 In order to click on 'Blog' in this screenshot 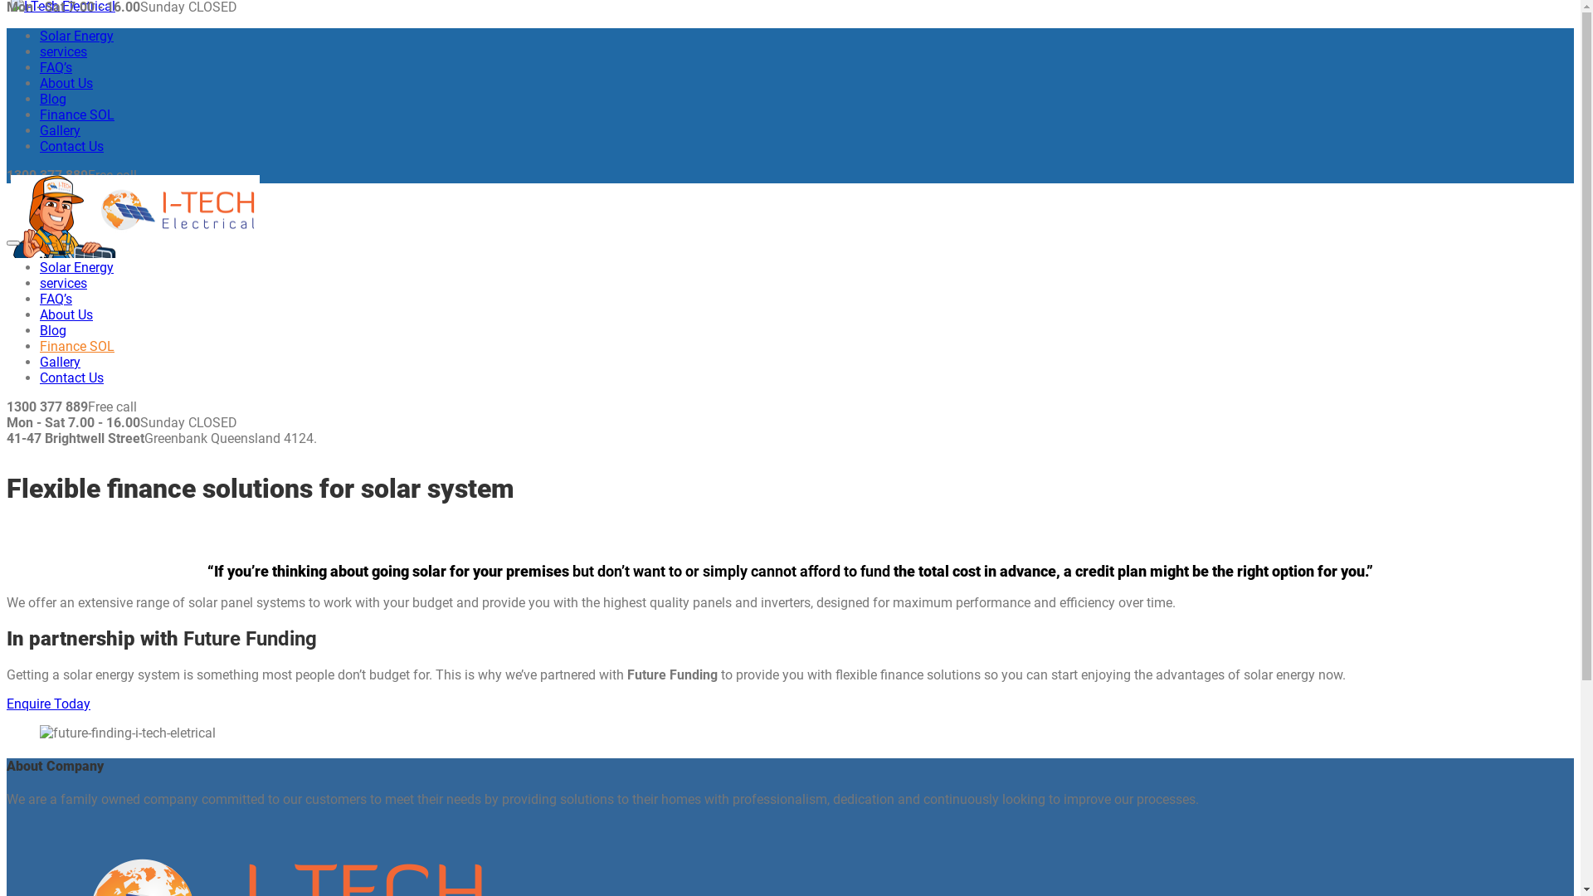, I will do `click(52, 99)`.